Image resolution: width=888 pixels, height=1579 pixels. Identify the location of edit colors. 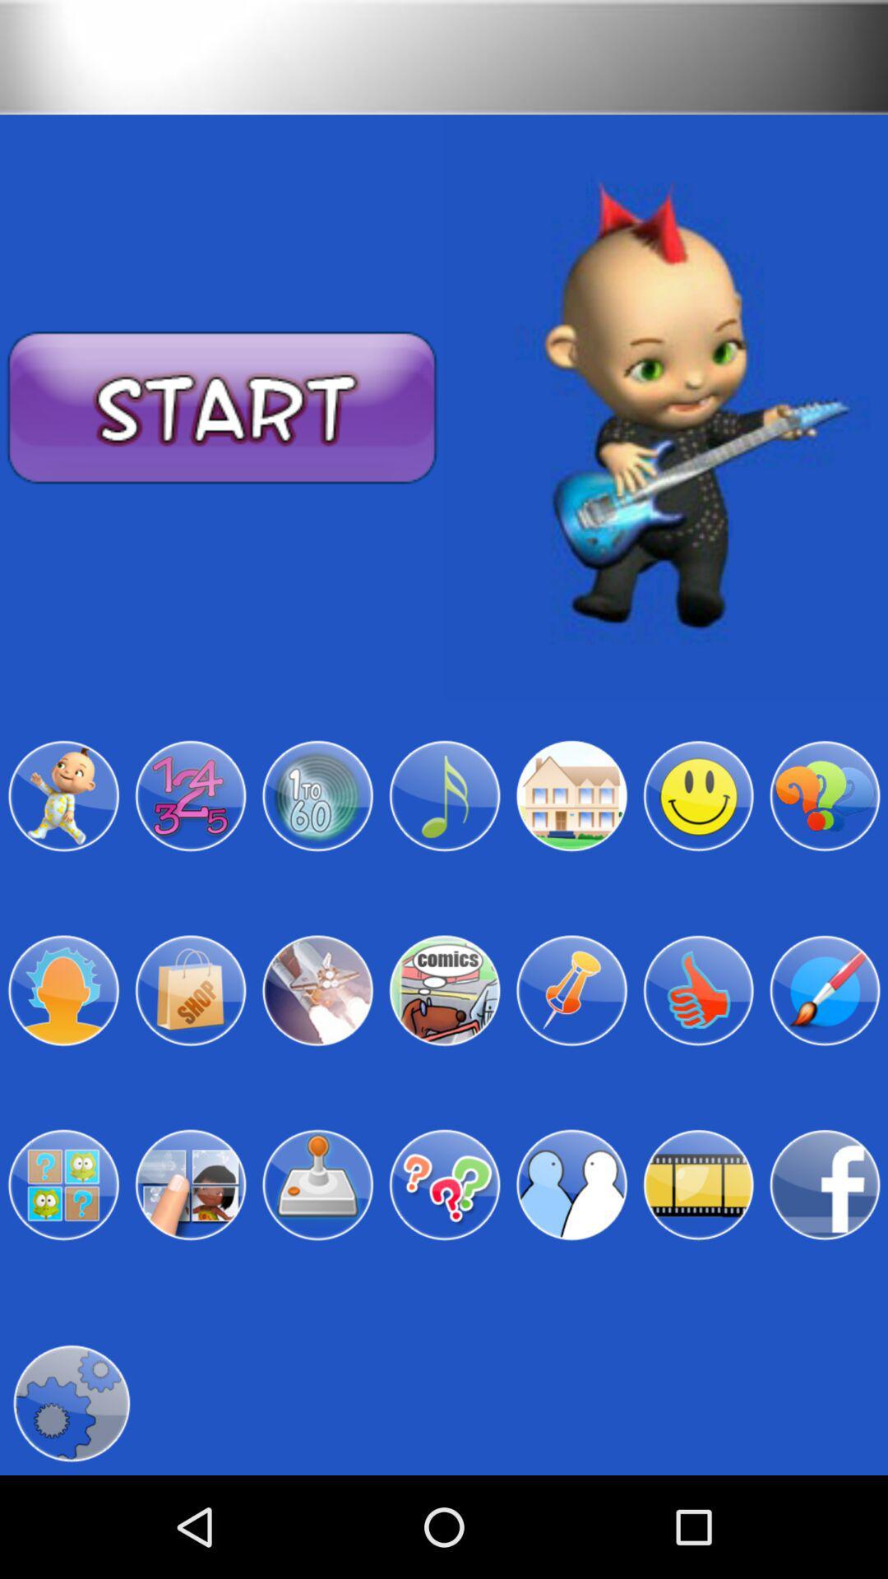
(825, 989).